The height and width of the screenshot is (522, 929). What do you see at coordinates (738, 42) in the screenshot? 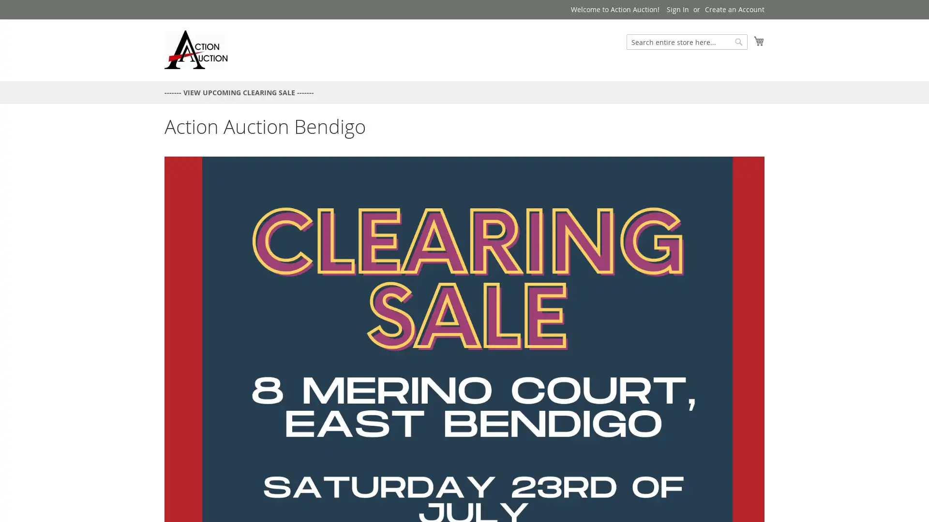
I see `Search` at bounding box center [738, 42].